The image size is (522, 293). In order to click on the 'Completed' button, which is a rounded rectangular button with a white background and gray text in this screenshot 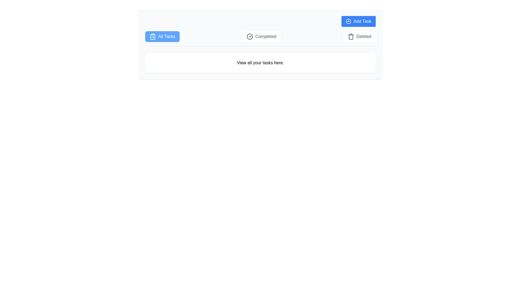, I will do `click(261, 37)`.